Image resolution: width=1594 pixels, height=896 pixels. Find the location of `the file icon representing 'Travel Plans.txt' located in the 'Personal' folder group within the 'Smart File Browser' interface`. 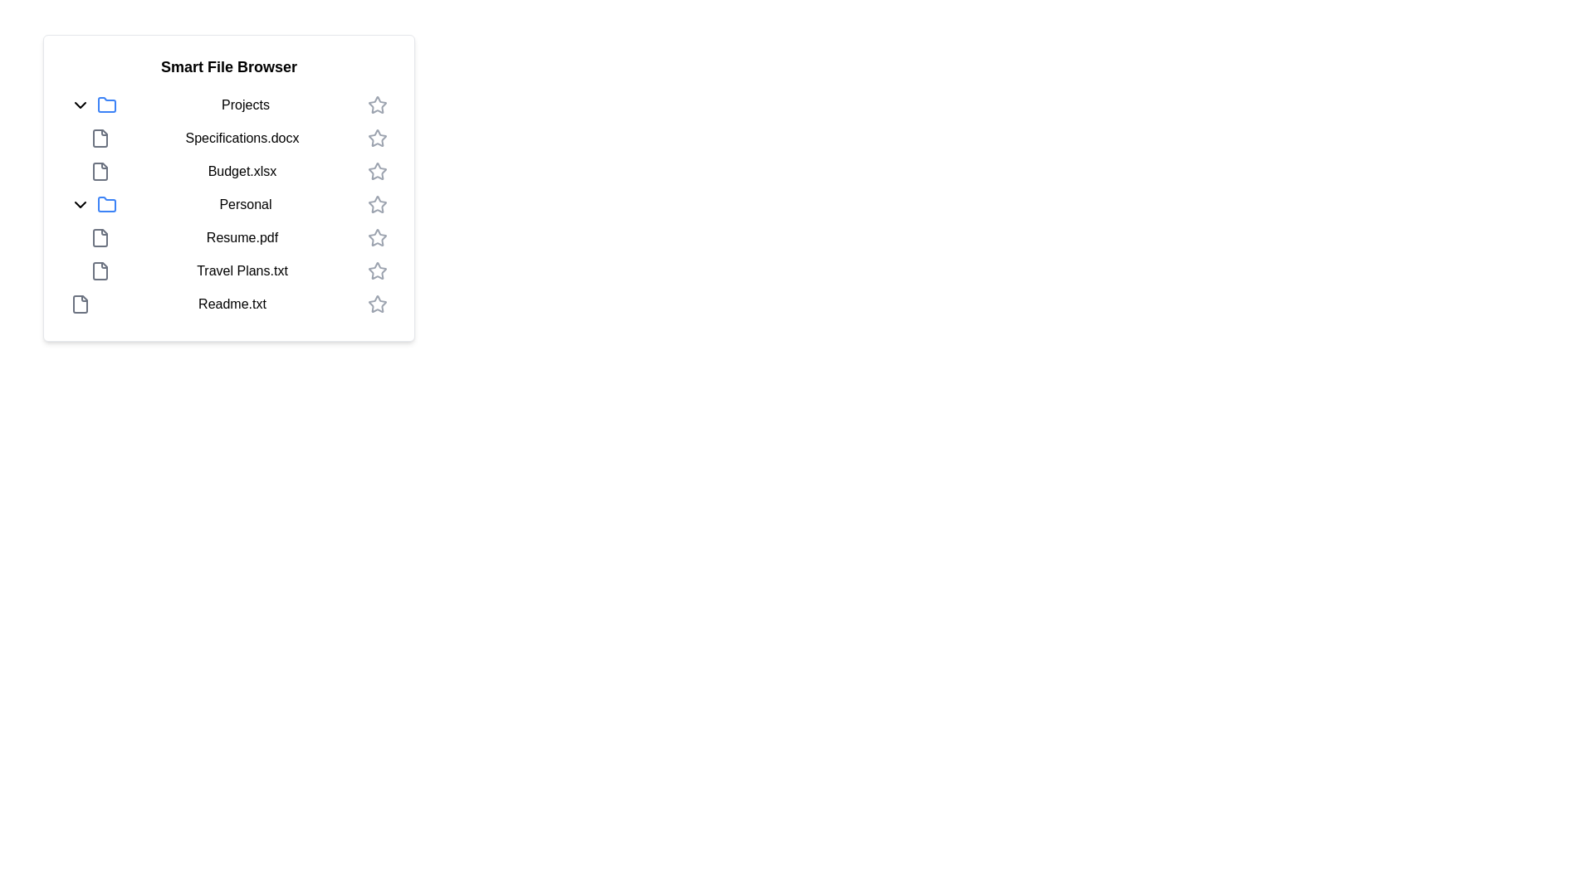

the file icon representing 'Travel Plans.txt' located in the 'Personal' folder group within the 'Smart File Browser' interface is located at coordinates (99, 270).